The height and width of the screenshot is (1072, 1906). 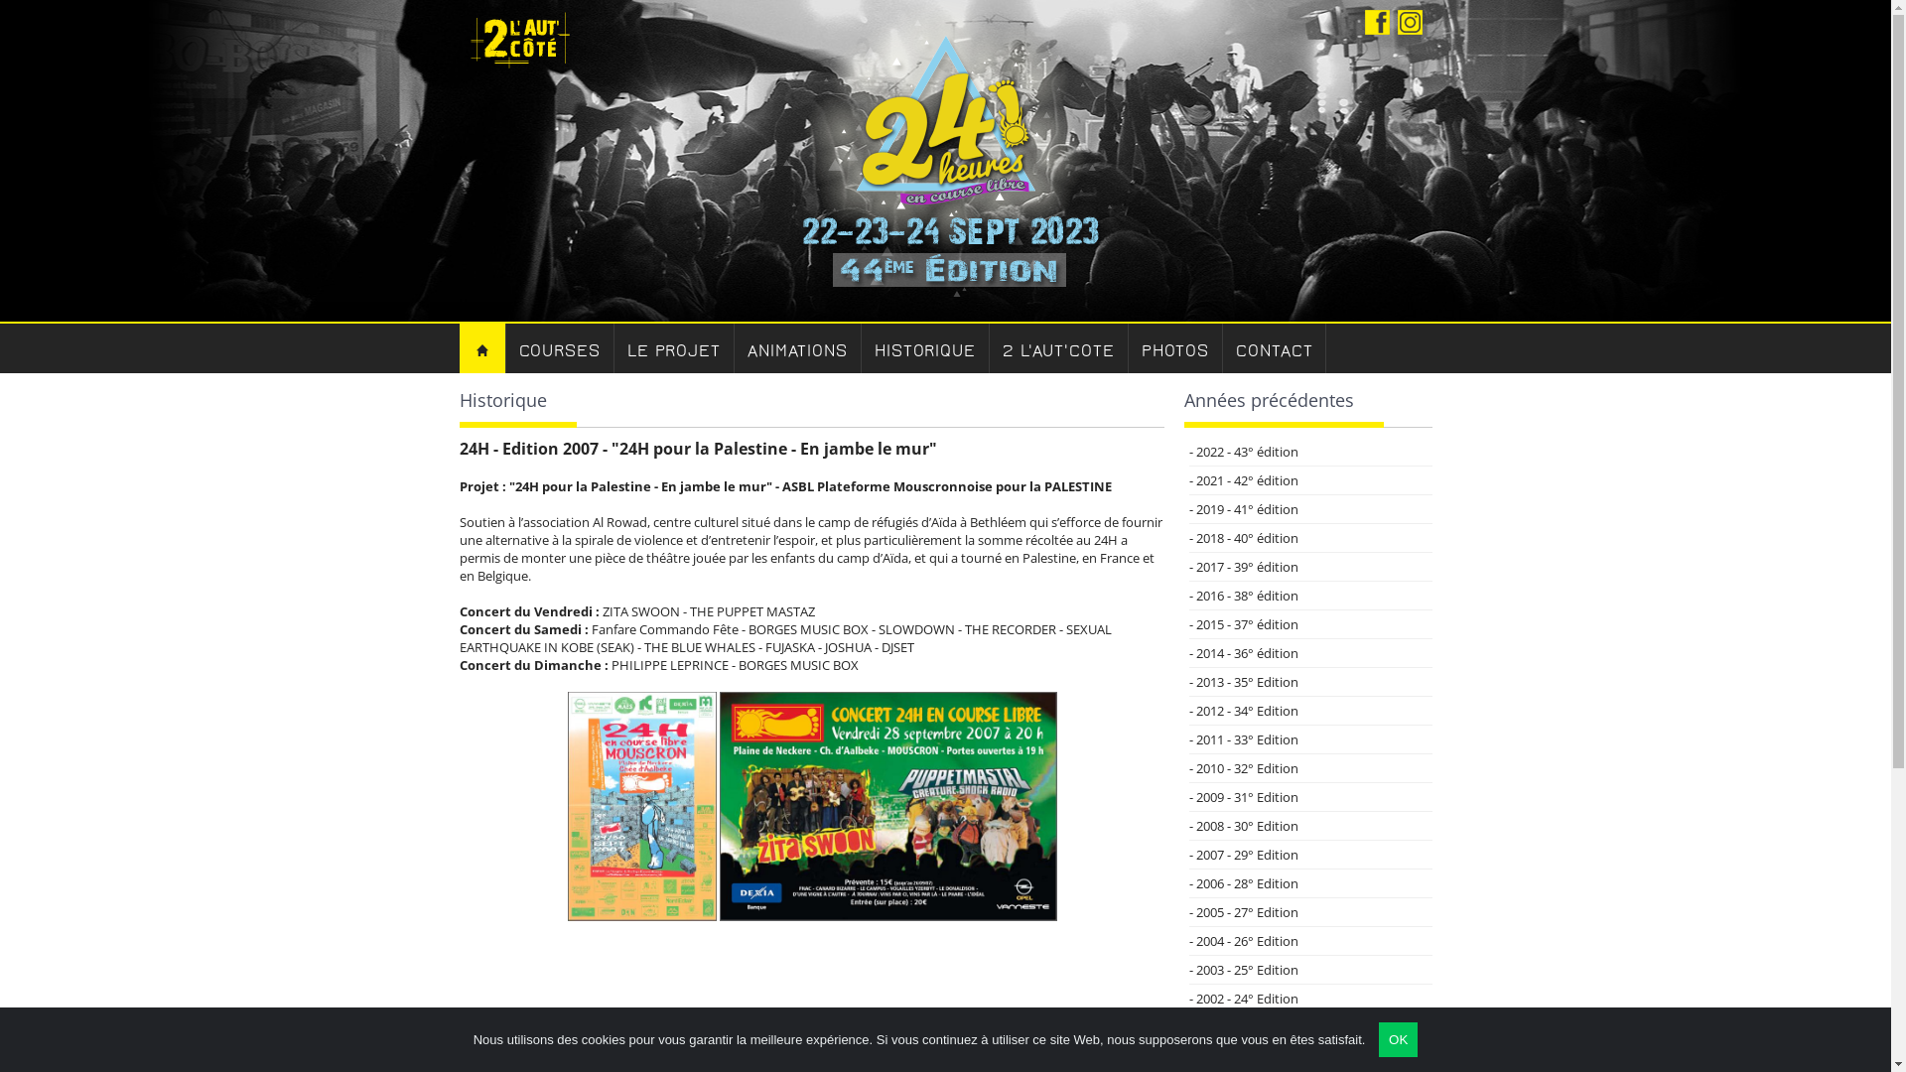 I want to click on 'OK', so click(x=1397, y=1038).